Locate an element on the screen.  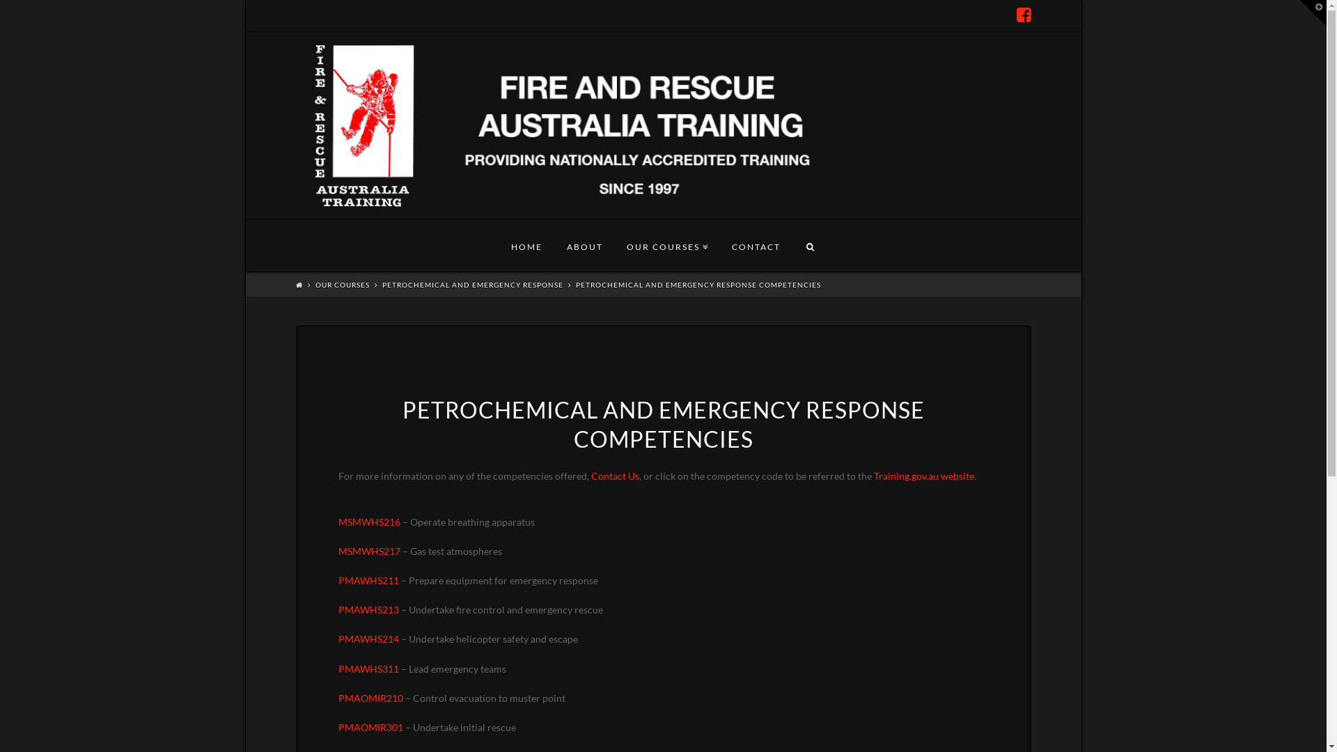
'PMAWHS311' is located at coordinates (338, 668).